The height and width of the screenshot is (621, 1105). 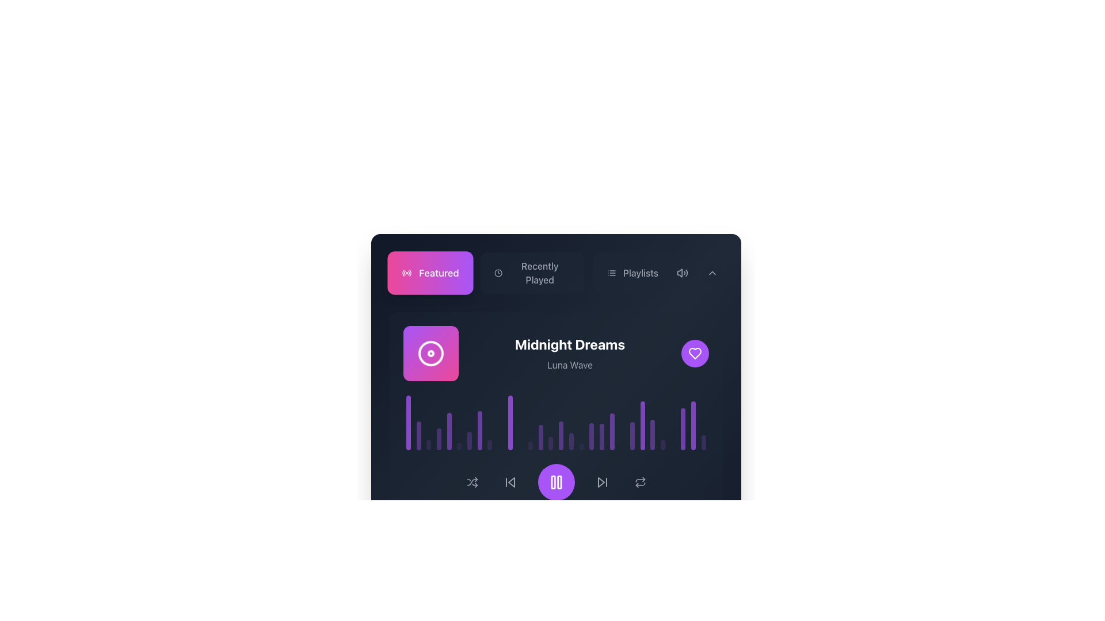 What do you see at coordinates (703, 442) in the screenshot?
I see `the last bar in the vertical bar chart located near the center-bottom of the main card interface` at bounding box center [703, 442].